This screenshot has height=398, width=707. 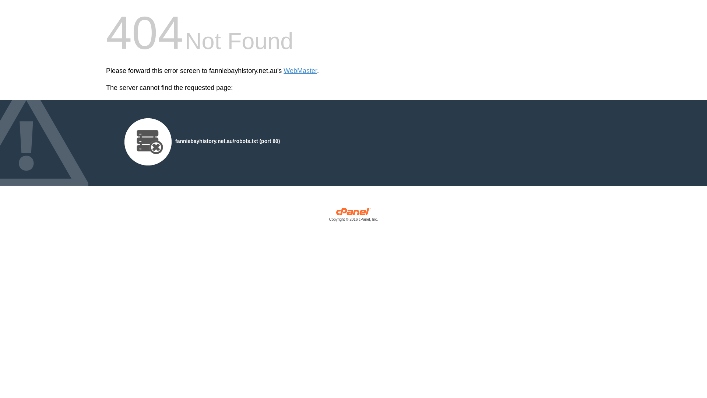 What do you see at coordinates (300, 71) in the screenshot?
I see `'WebMaster'` at bounding box center [300, 71].